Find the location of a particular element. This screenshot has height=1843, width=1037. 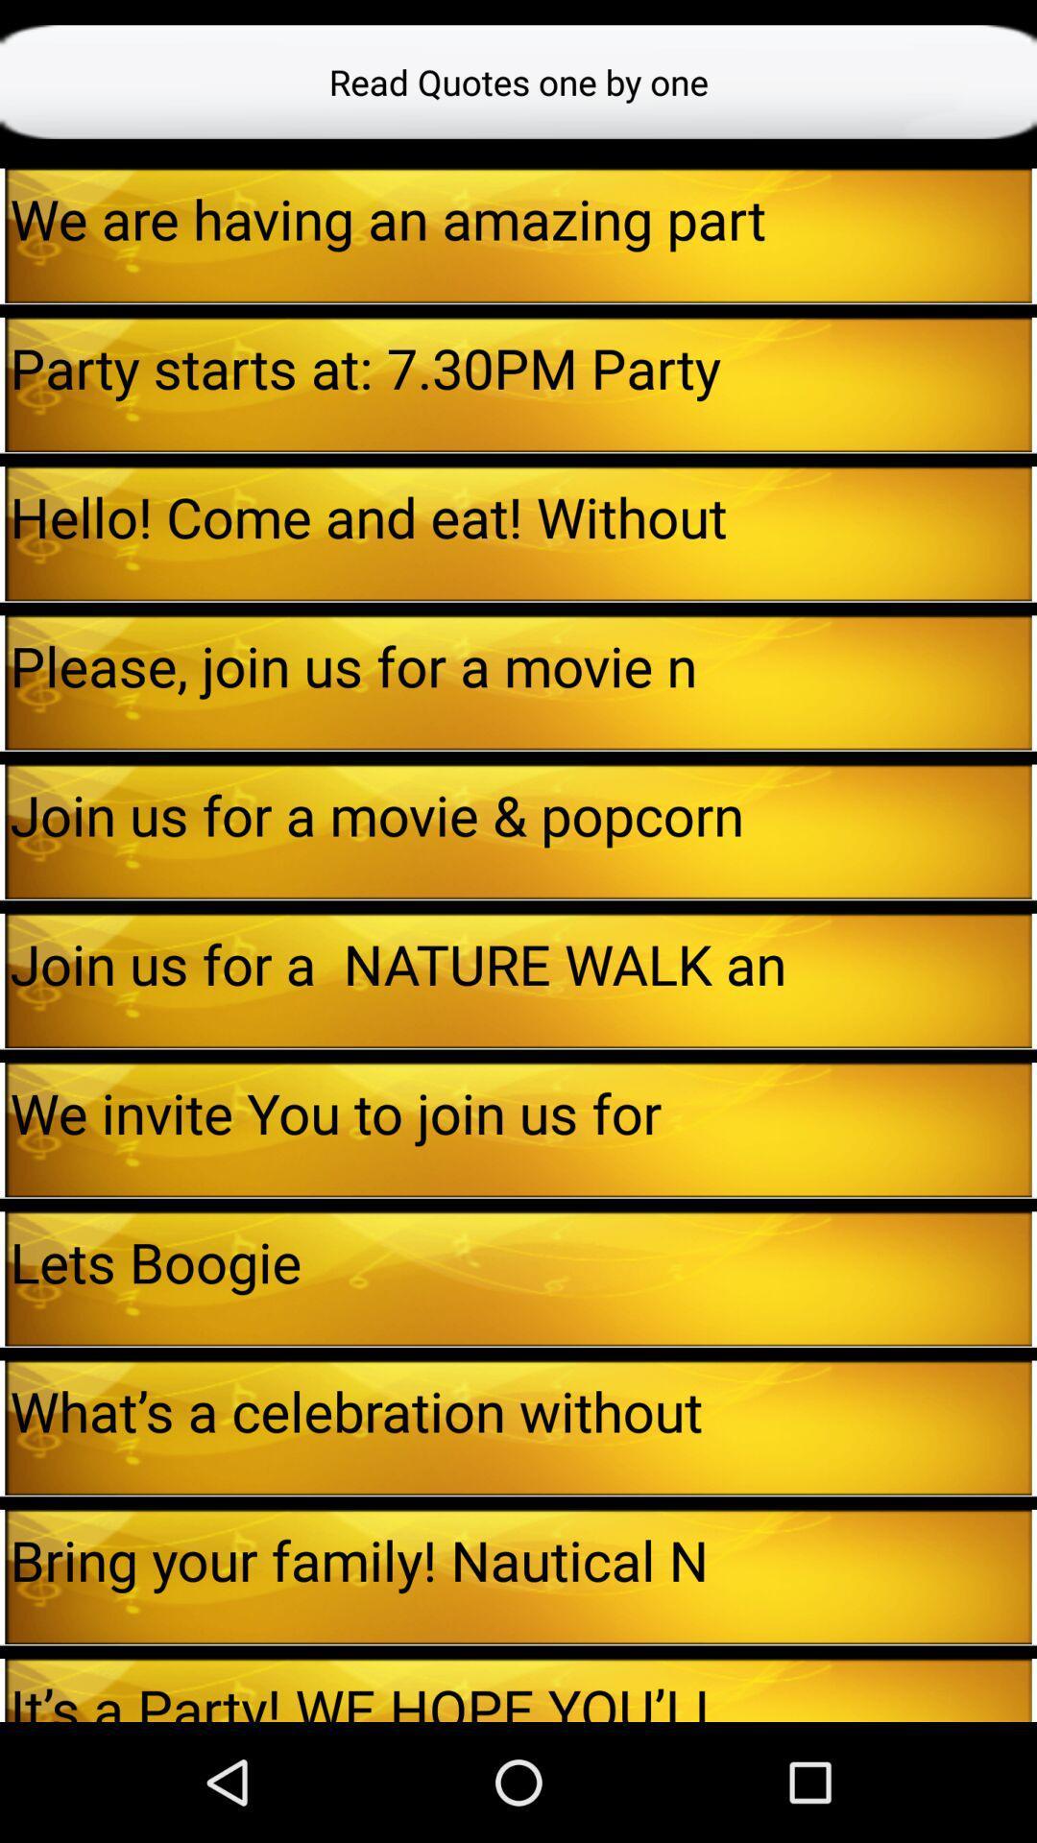

item to the left of party starts at icon is located at coordinates (2, 384).